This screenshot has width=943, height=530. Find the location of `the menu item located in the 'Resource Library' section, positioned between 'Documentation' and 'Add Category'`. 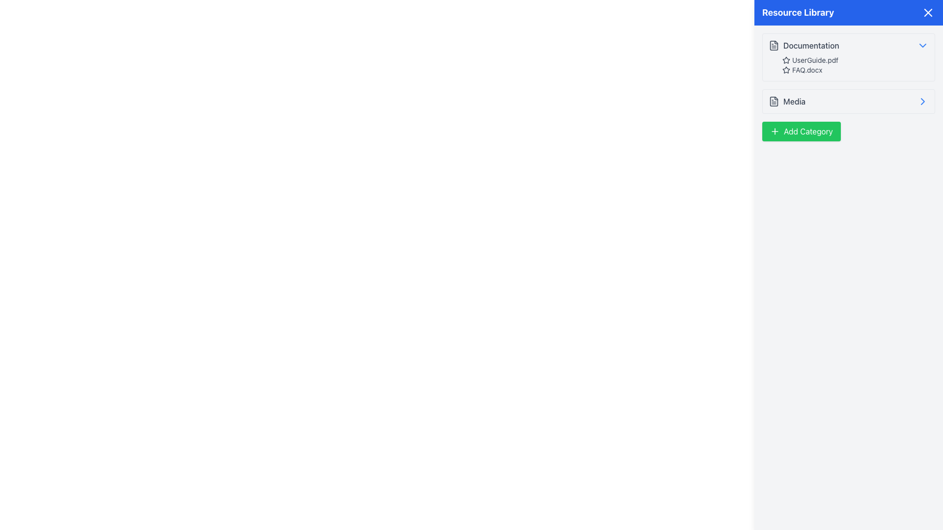

the menu item located in the 'Resource Library' section, positioned between 'Documentation' and 'Add Category' is located at coordinates (787, 102).